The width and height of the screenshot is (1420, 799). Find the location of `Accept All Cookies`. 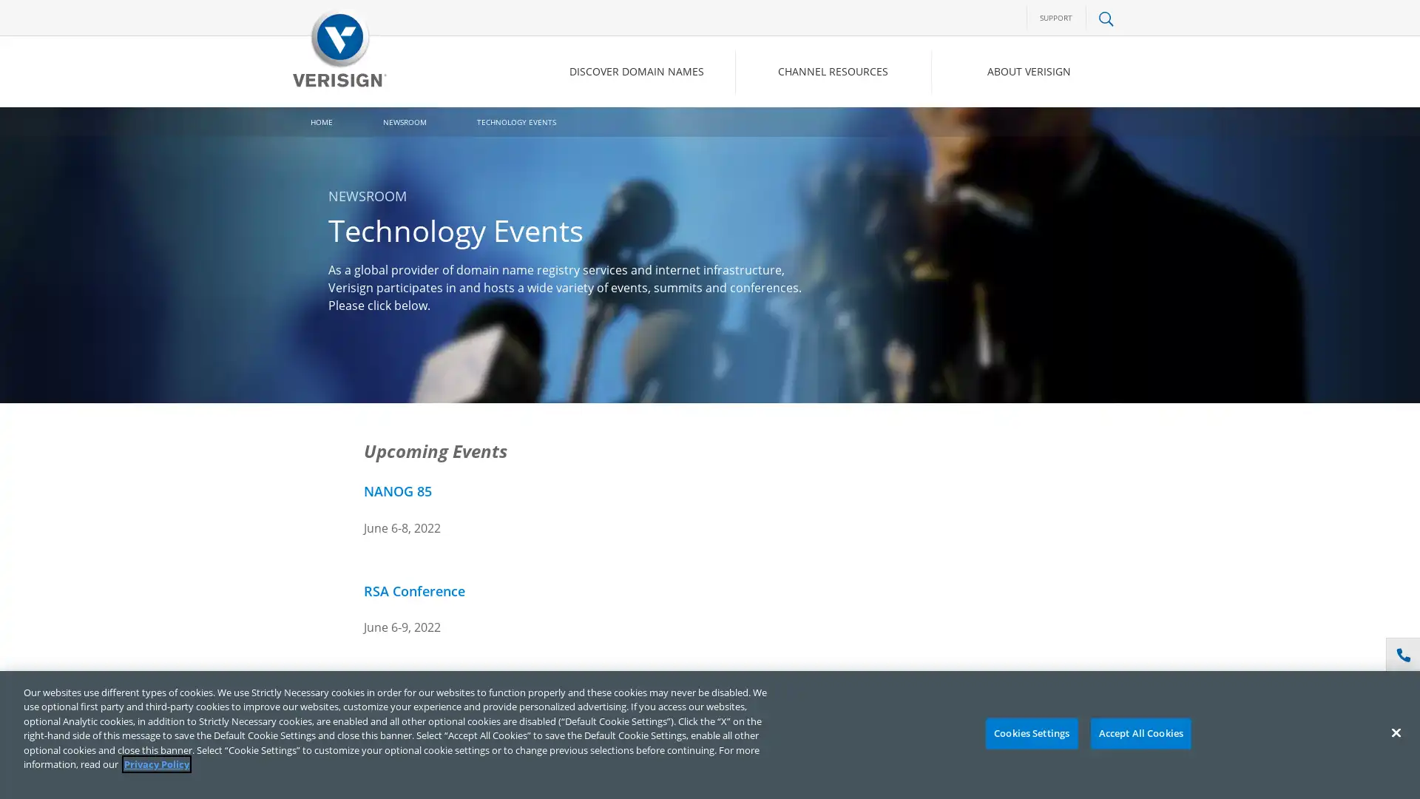

Accept All Cookies is located at coordinates (1140, 733).